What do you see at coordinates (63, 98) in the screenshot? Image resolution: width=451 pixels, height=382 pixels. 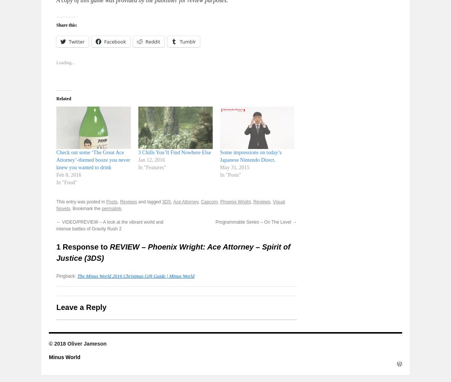 I see `'Related'` at bounding box center [63, 98].